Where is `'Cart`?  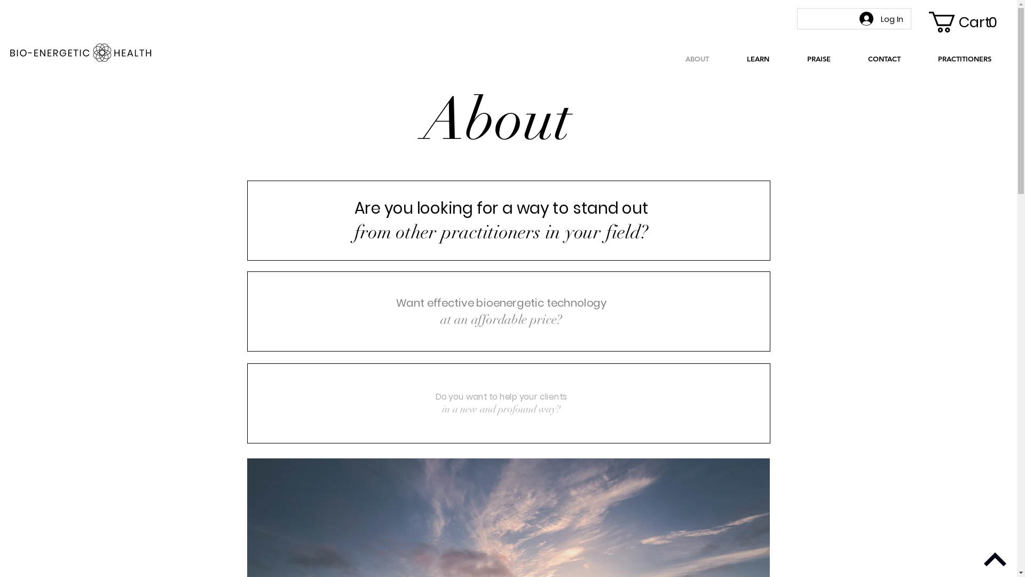 'Cart is located at coordinates (928, 22).